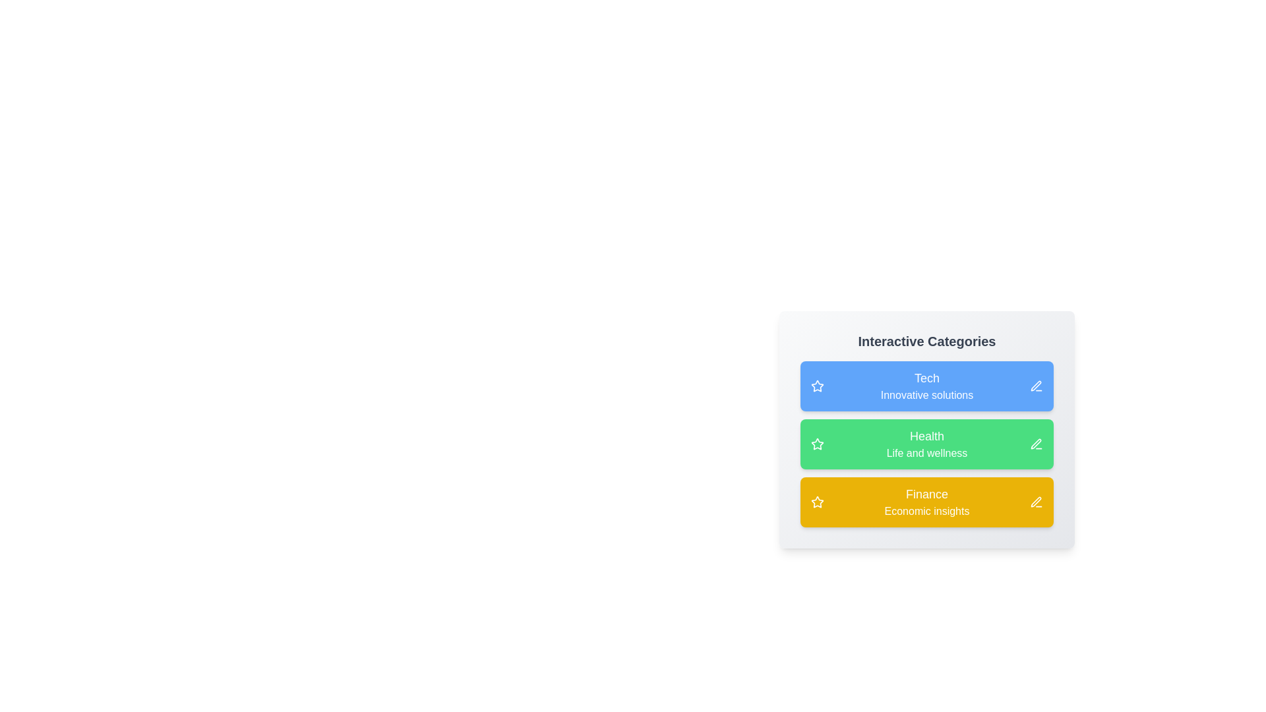 The image size is (1266, 712). Describe the element at coordinates (926, 386) in the screenshot. I see `the category Tech to observe its hover effect` at that location.